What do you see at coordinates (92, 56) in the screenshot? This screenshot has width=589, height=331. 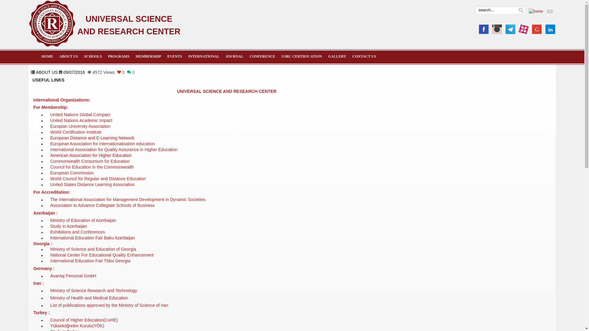 I see `'SCHOOLS'` at bounding box center [92, 56].